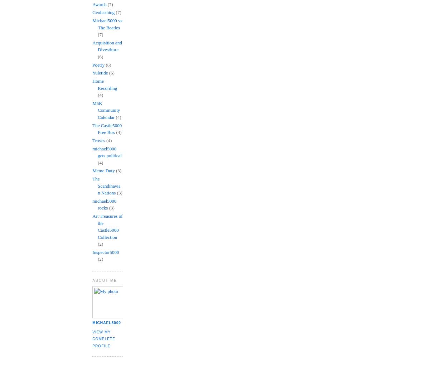 The height and width of the screenshot is (371, 421). Describe the element at coordinates (105, 280) in the screenshot. I see `'About Me'` at that location.